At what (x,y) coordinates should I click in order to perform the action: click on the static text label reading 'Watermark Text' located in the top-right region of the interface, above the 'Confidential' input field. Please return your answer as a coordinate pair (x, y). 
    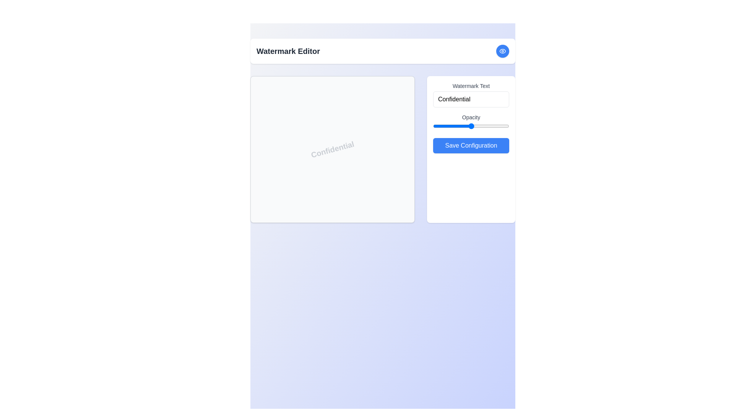
    Looking at the image, I should click on (471, 86).